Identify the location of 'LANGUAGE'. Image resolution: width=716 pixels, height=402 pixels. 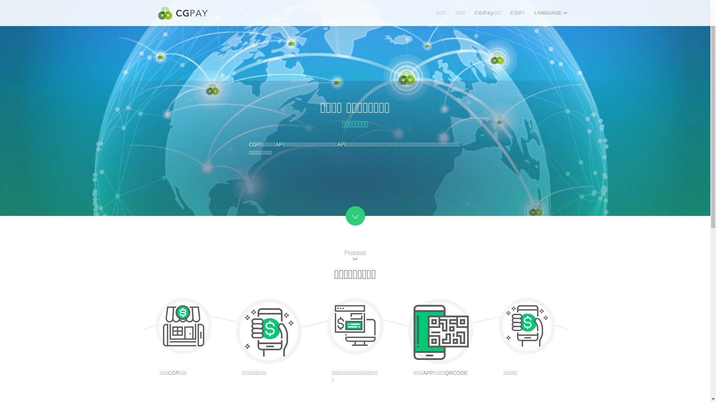
(551, 13).